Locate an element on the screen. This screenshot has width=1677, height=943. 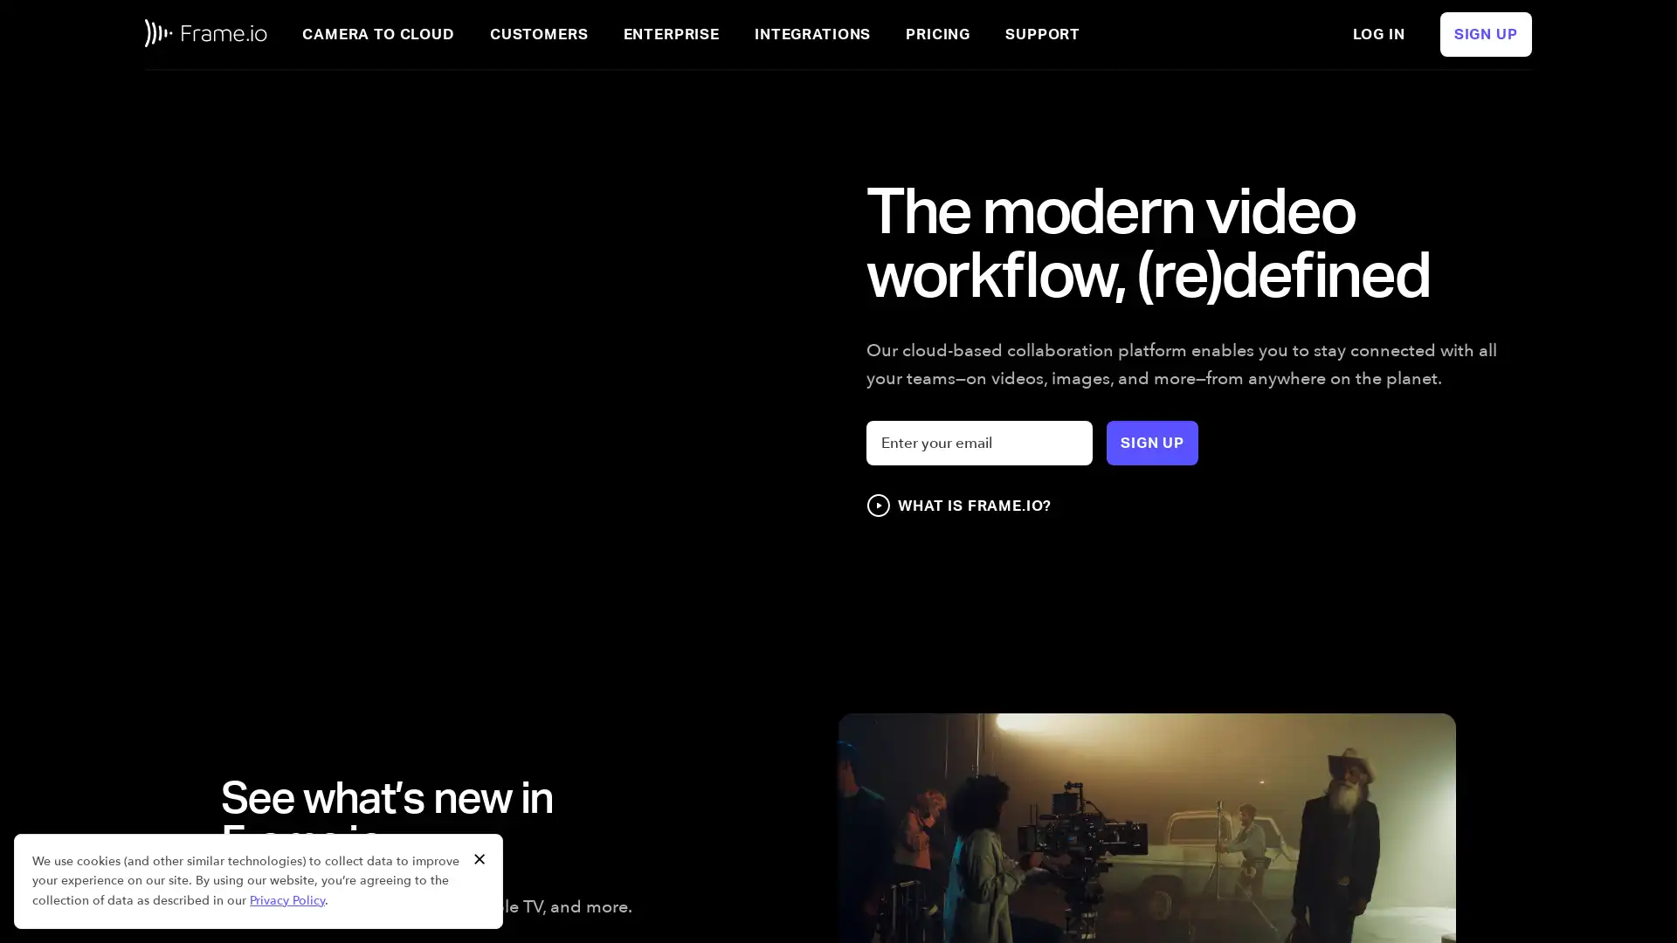
WHAT IS FRAME.IO? is located at coordinates (957, 505).